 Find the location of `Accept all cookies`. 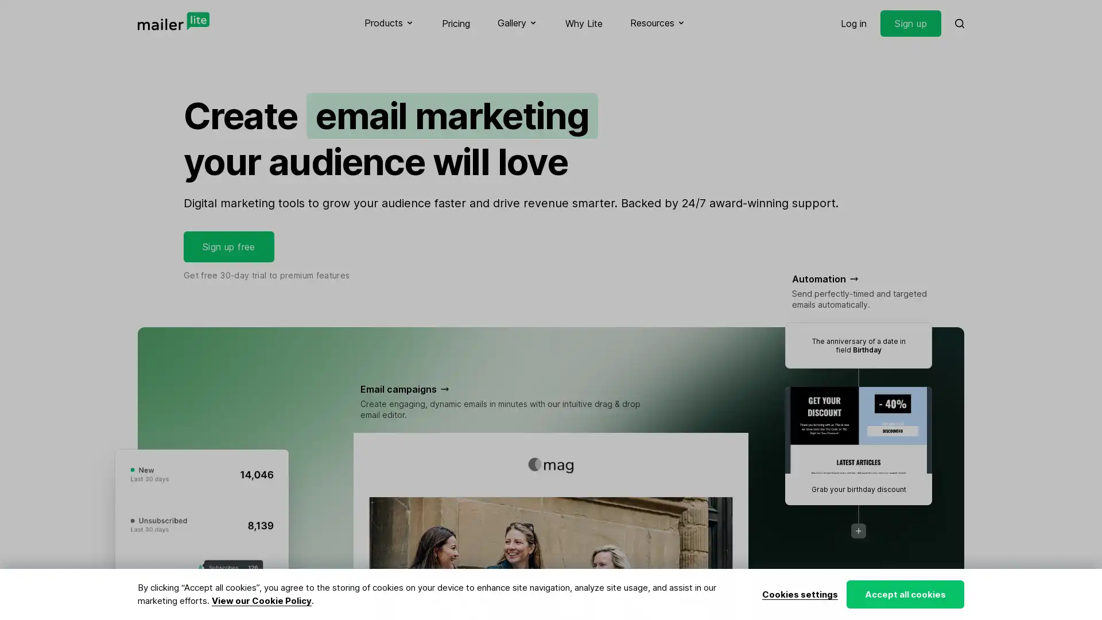

Accept all cookies is located at coordinates (905, 594).